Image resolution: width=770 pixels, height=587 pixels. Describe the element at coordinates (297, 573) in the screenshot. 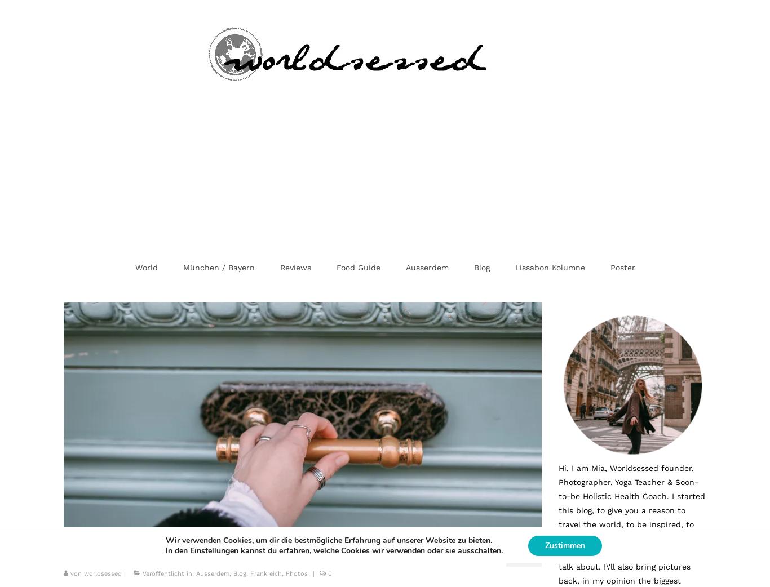

I see `'Photos'` at that location.